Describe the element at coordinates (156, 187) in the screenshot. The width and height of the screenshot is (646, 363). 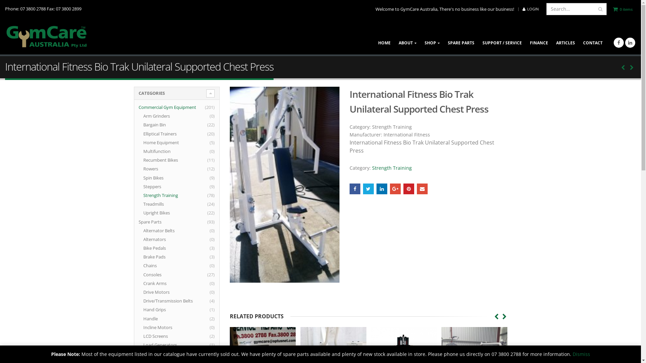
I see `'Steppers'` at that location.